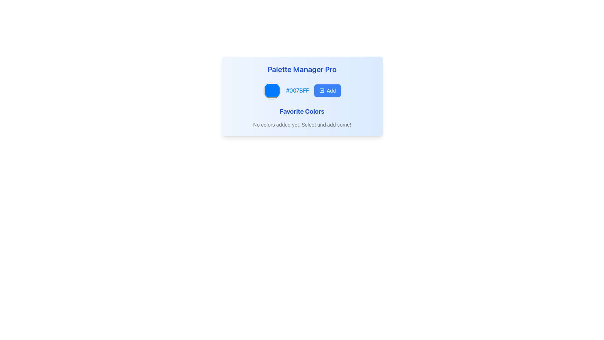  I want to click on the add icon located to the left of the 'Add' text in the button group at the top-right section of the card layout, so click(322, 91).